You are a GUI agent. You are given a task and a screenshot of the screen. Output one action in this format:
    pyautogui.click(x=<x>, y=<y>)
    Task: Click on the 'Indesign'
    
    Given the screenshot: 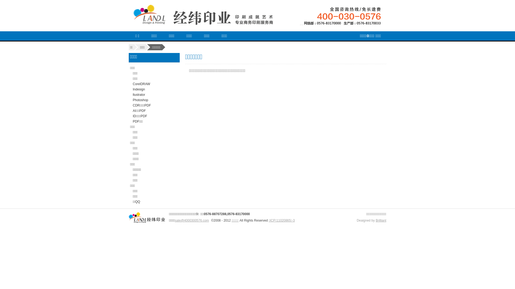 What is the action you would take?
    pyautogui.click(x=139, y=89)
    